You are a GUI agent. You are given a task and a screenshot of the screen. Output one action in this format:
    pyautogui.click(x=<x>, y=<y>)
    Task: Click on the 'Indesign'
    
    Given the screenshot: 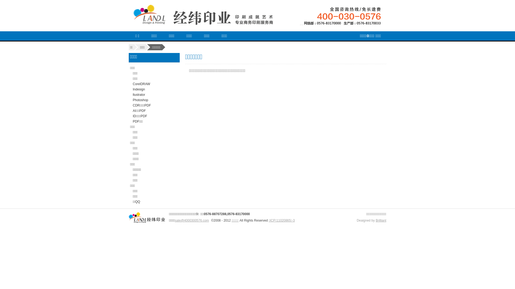 What is the action you would take?
    pyautogui.click(x=139, y=89)
    